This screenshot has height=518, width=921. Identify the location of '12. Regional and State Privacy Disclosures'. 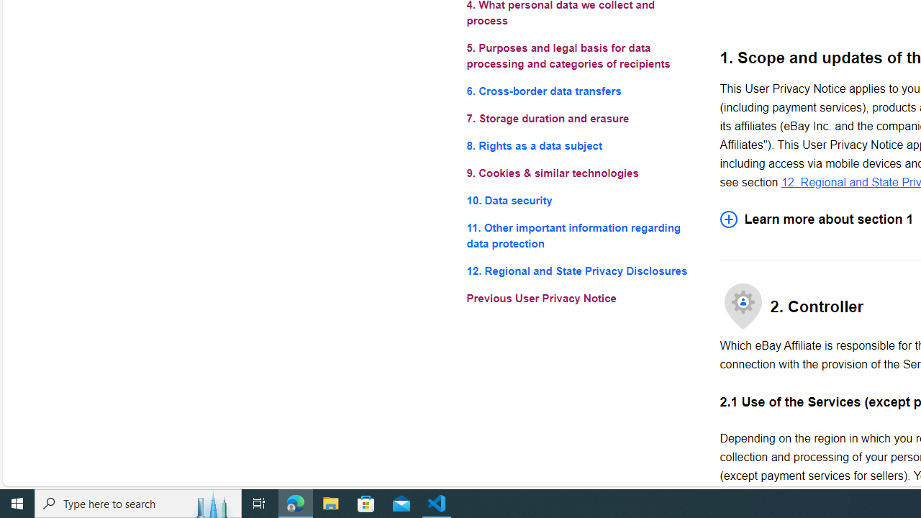
(581, 271).